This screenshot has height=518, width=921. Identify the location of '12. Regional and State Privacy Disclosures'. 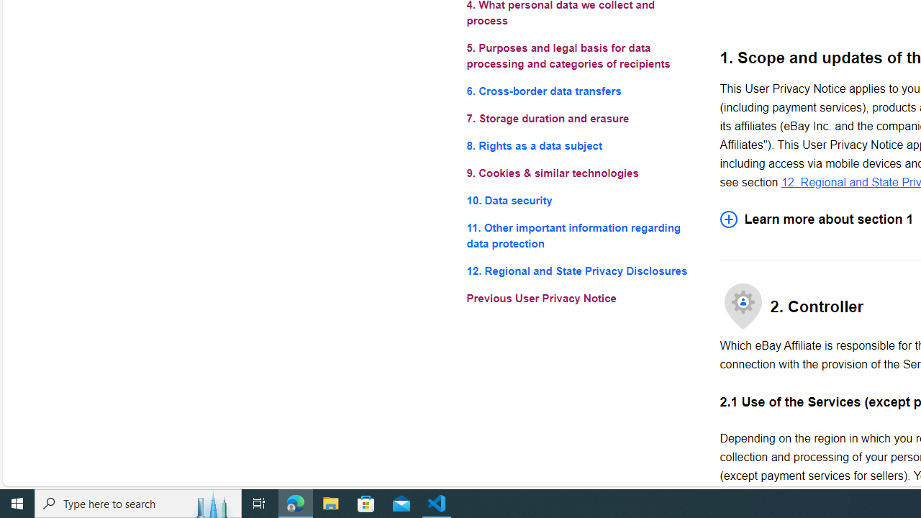
(581, 271).